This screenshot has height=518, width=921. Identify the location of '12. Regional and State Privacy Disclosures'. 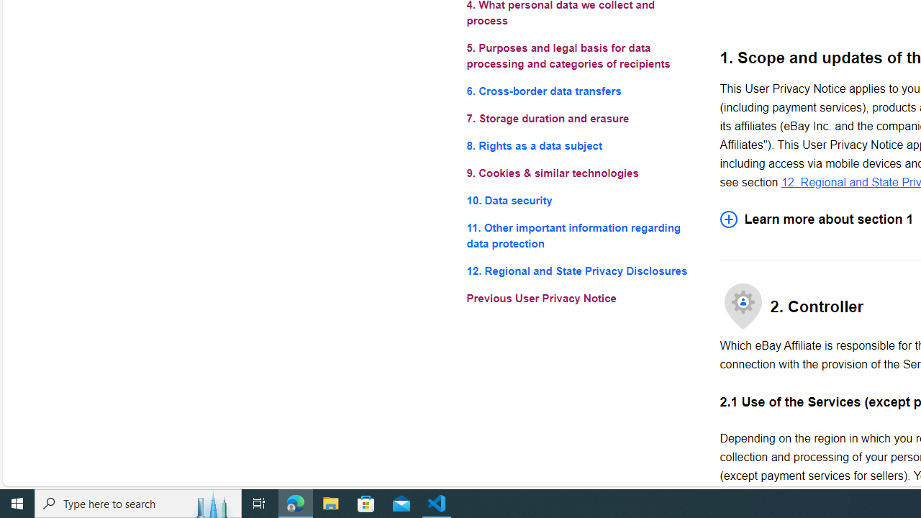
(581, 271).